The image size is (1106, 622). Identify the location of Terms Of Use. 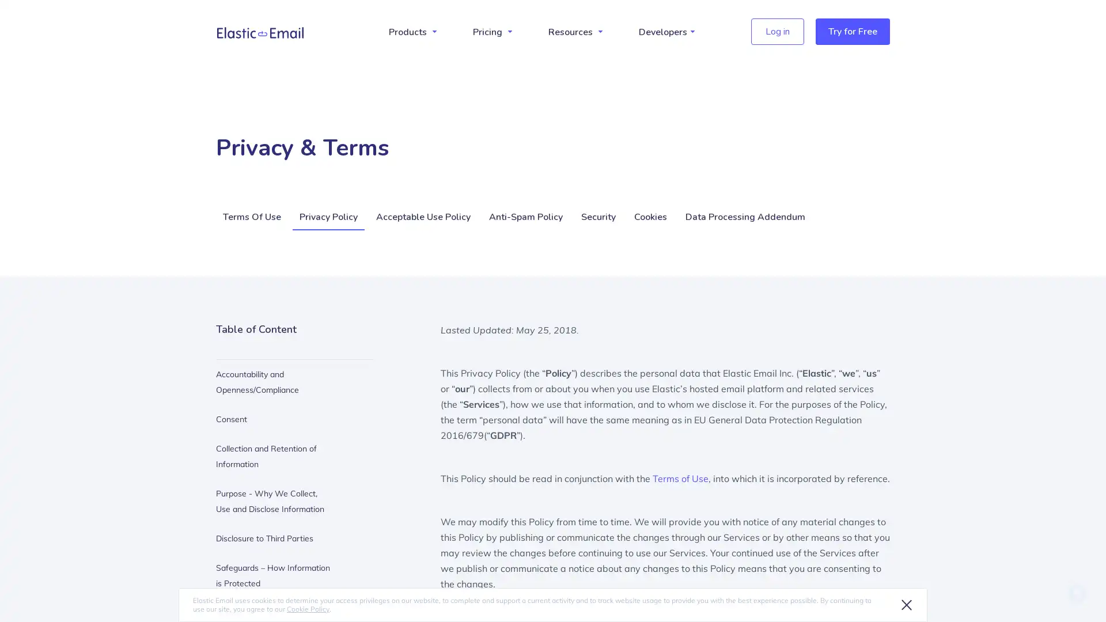
(252, 218).